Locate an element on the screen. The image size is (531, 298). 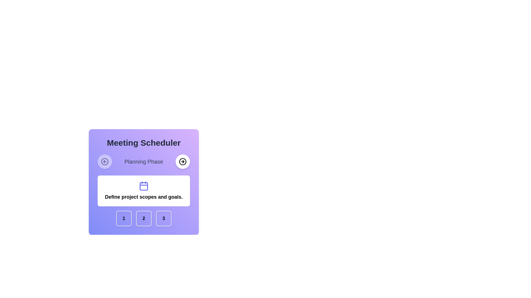
the button labeled '2' in the 'Meeting Scheduler' card is located at coordinates (144, 218).